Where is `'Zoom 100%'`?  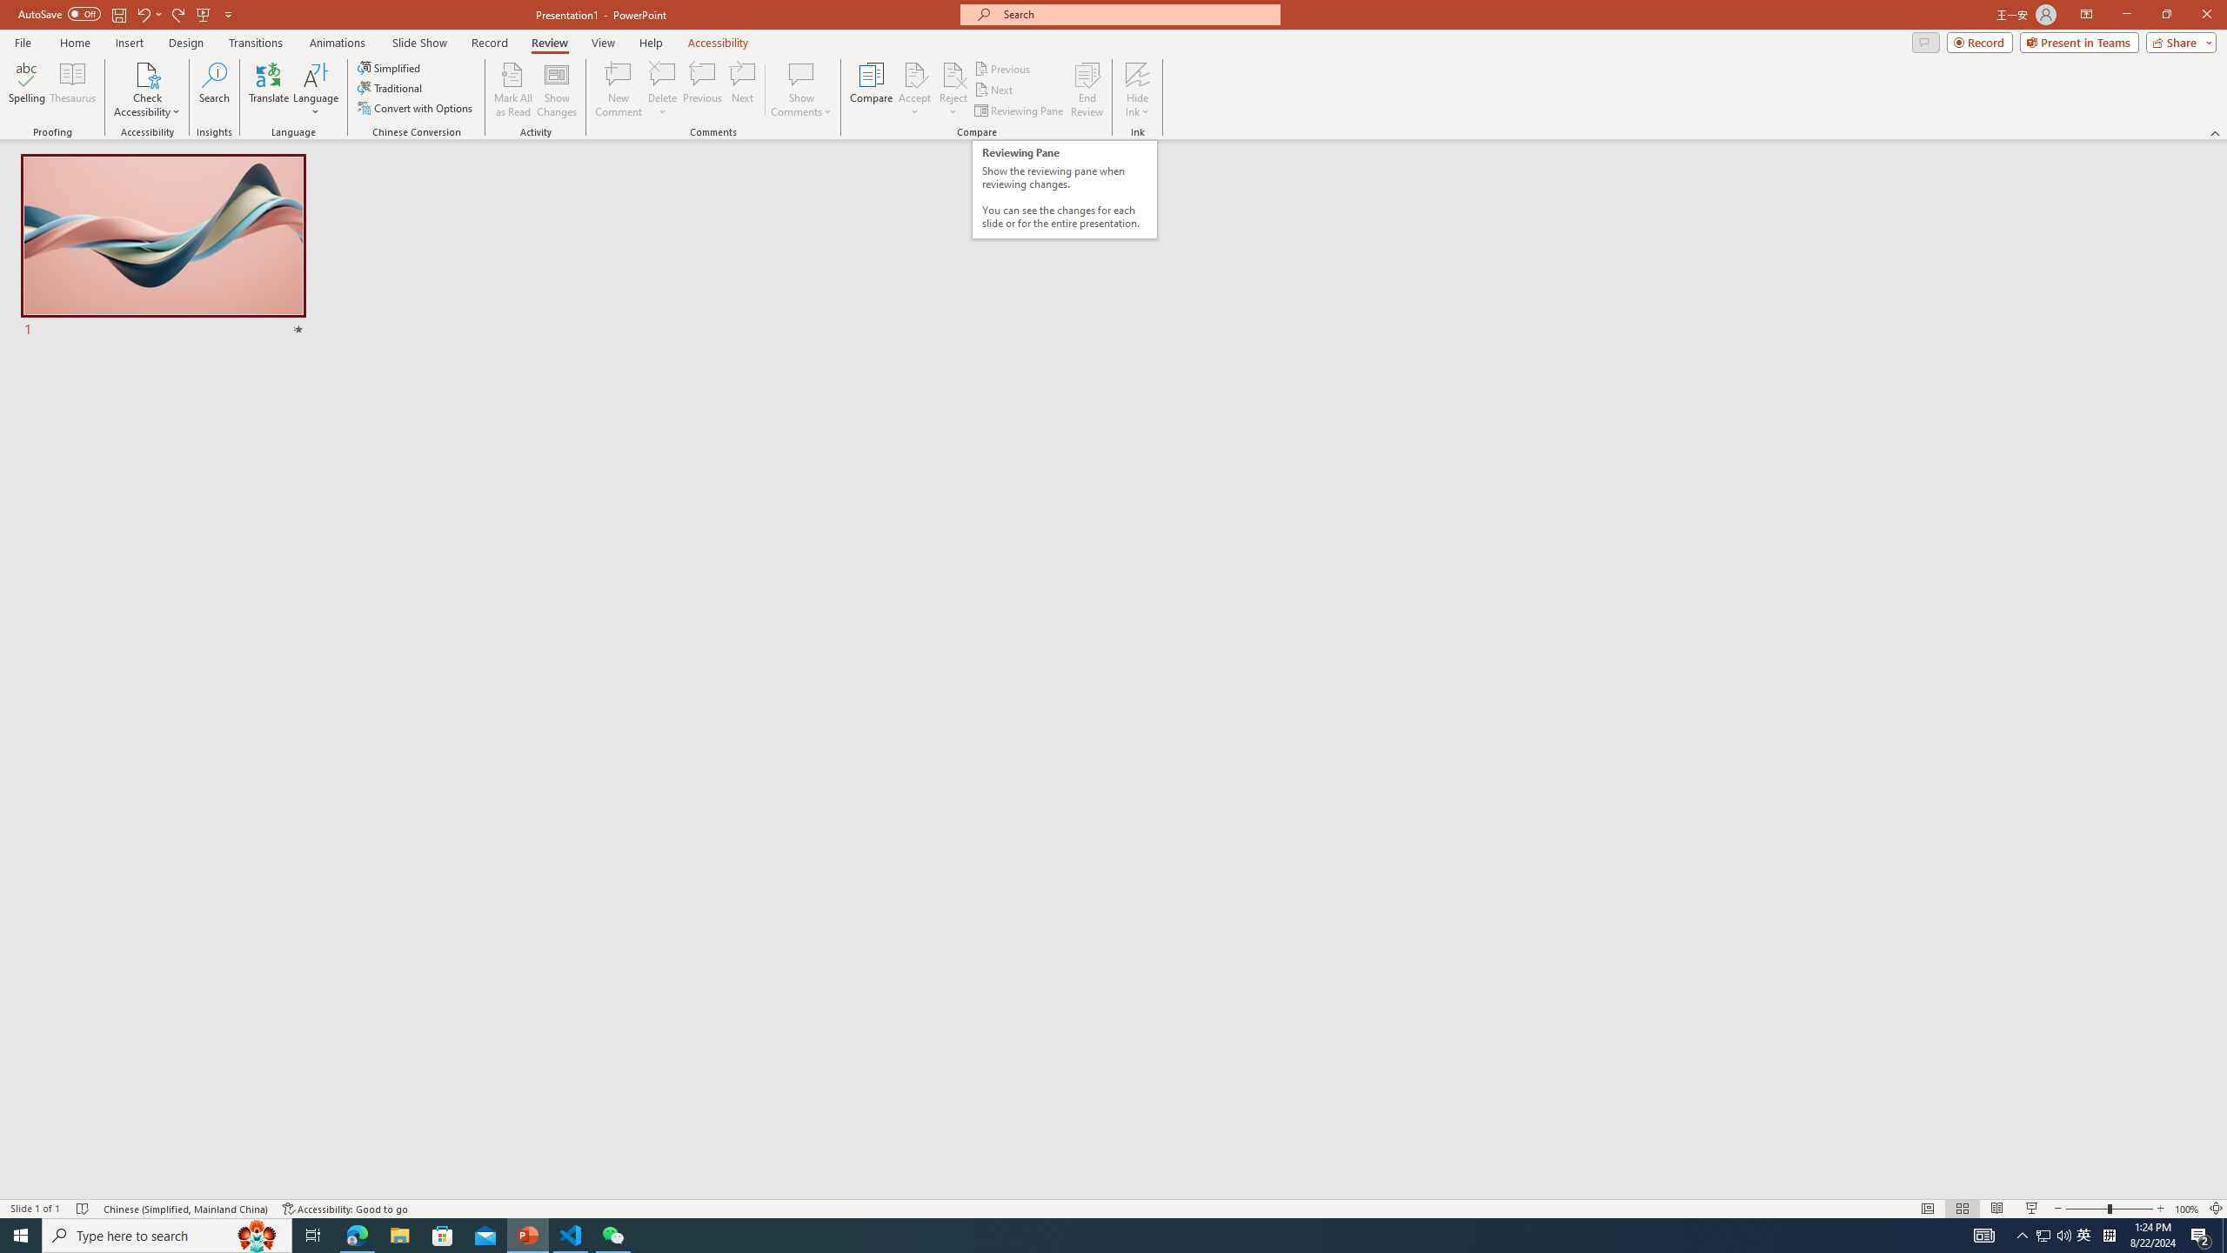 'Zoom 100%' is located at coordinates (2188, 1209).